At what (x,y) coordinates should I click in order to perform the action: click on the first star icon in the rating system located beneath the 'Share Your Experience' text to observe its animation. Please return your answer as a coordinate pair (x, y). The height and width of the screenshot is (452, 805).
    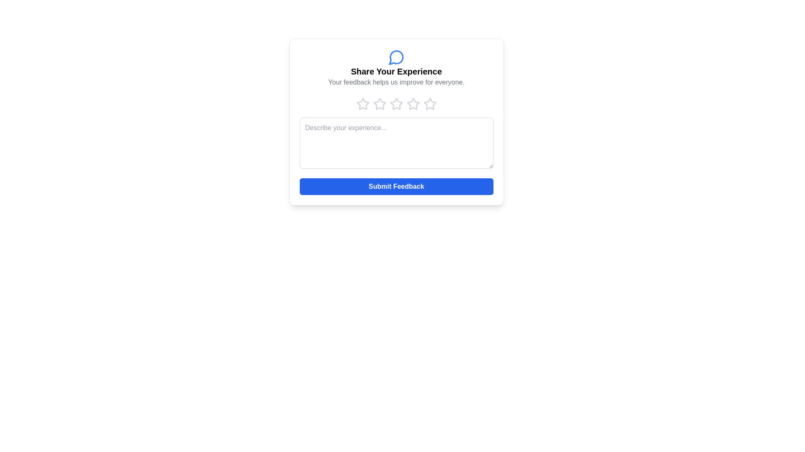
    Looking at the image, I should click on (363, 104).